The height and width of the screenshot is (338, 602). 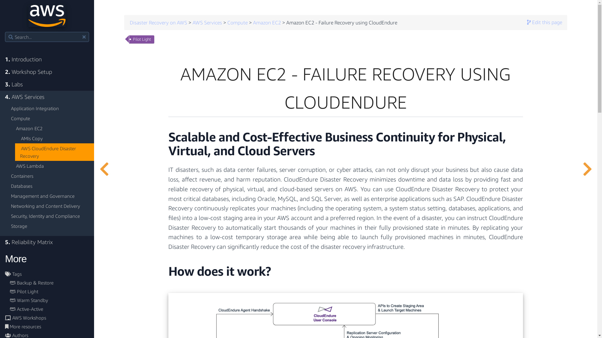 I want to click on 'AWS Workshops', so click(x=46, y=317).